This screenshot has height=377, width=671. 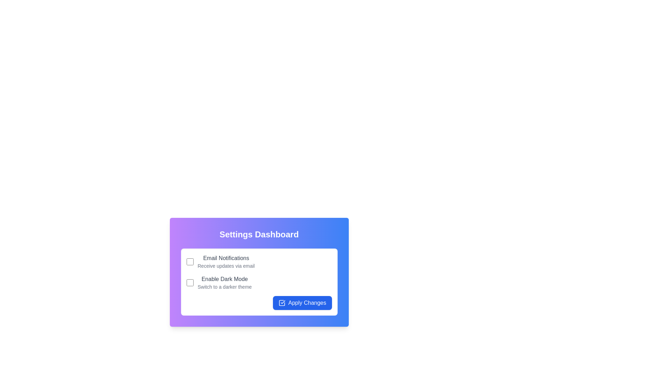 What do you see at coordinates (226, 261) in the screenshot?
I see `the label providing context for email notification settings, which is located within the settings panel dialog, positioned to the right of the checkbox` at bounding box center [226, 261].